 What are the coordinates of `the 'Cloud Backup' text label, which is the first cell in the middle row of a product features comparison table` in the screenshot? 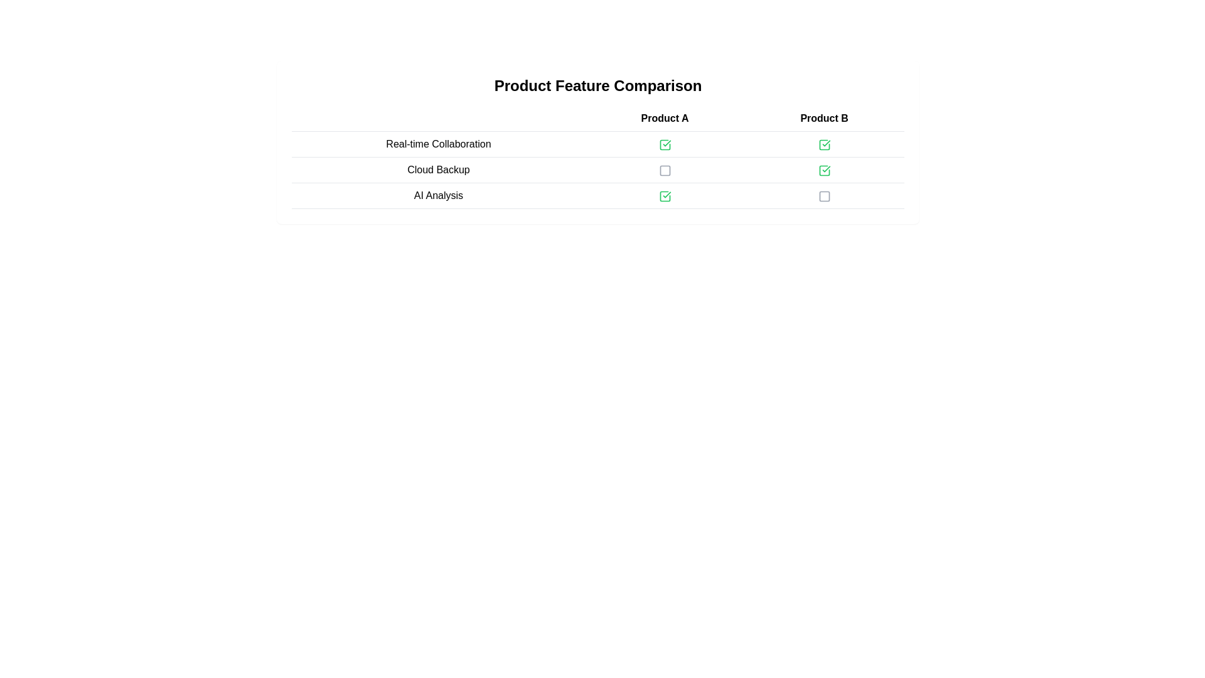 It's located at (438, 169).